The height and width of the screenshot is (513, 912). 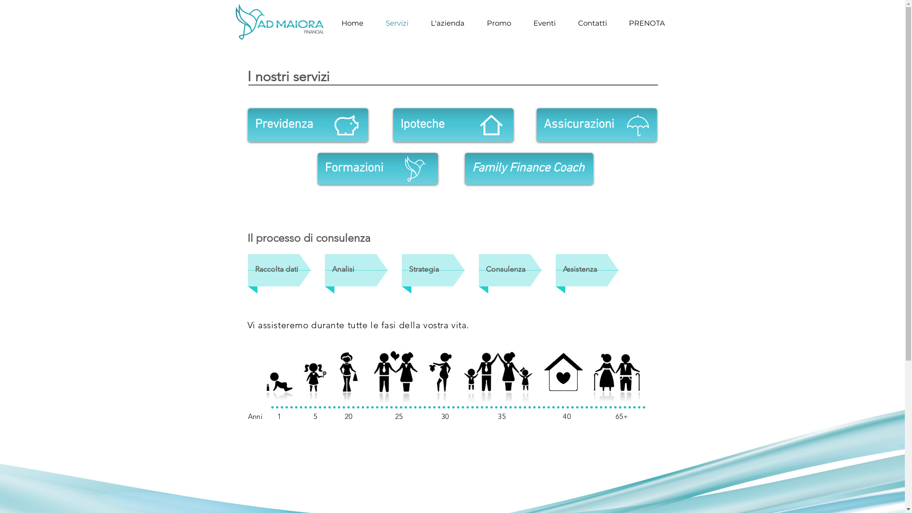 What do you see at coordinates (592, 22) in the screenshot?
I see `'Contatti'` at bounding box center [592, 22].